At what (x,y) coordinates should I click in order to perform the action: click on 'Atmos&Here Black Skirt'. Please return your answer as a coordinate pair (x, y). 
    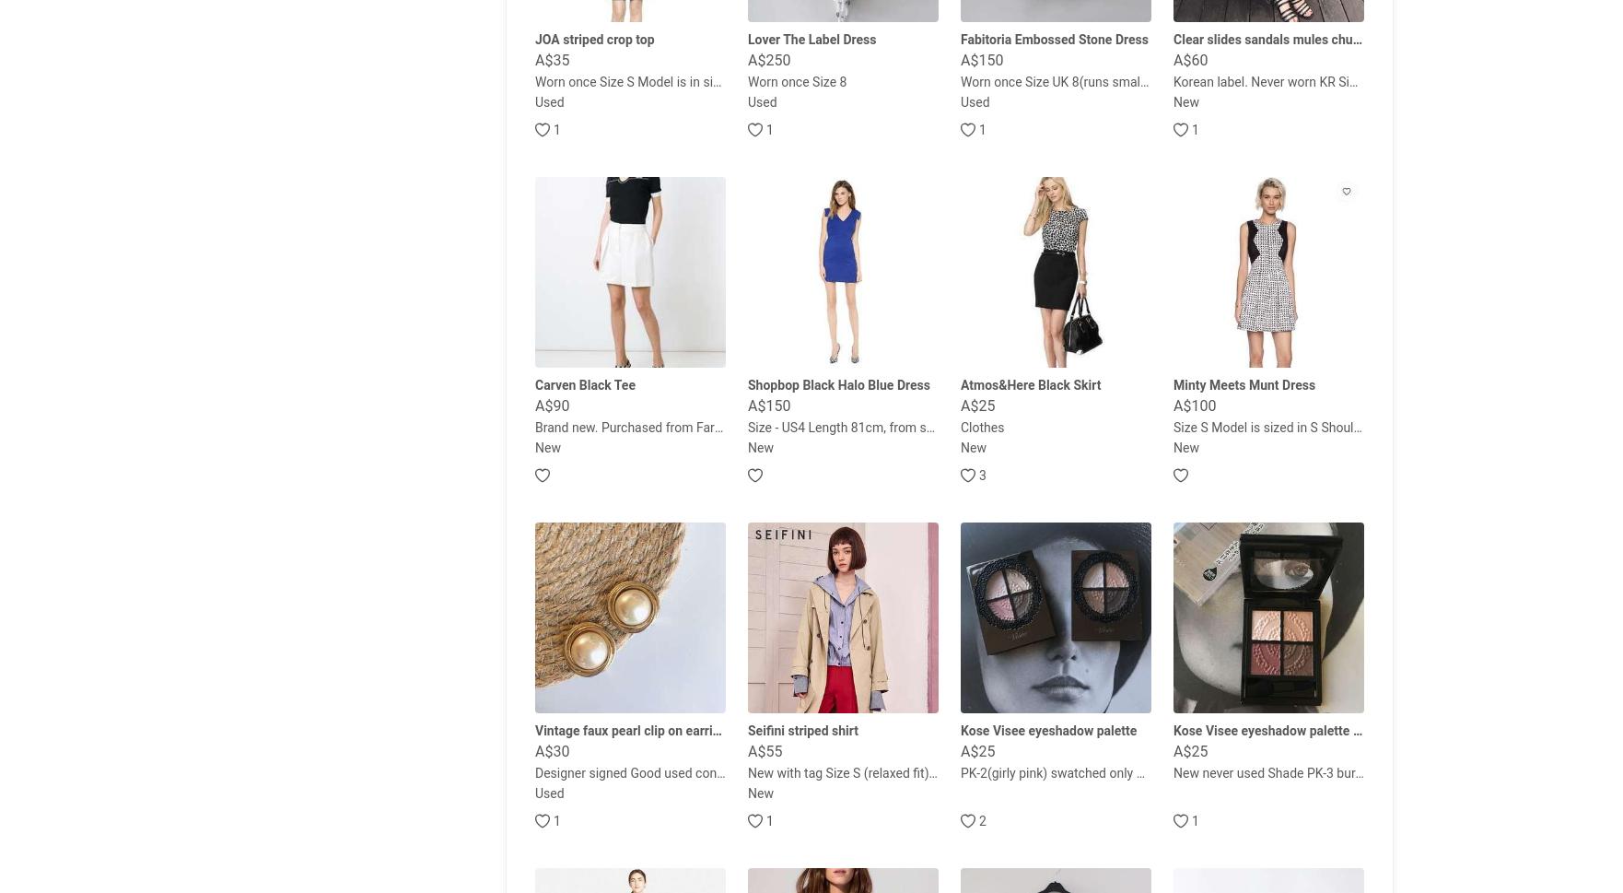
    Looking at the image, I should click on (1031, 384).